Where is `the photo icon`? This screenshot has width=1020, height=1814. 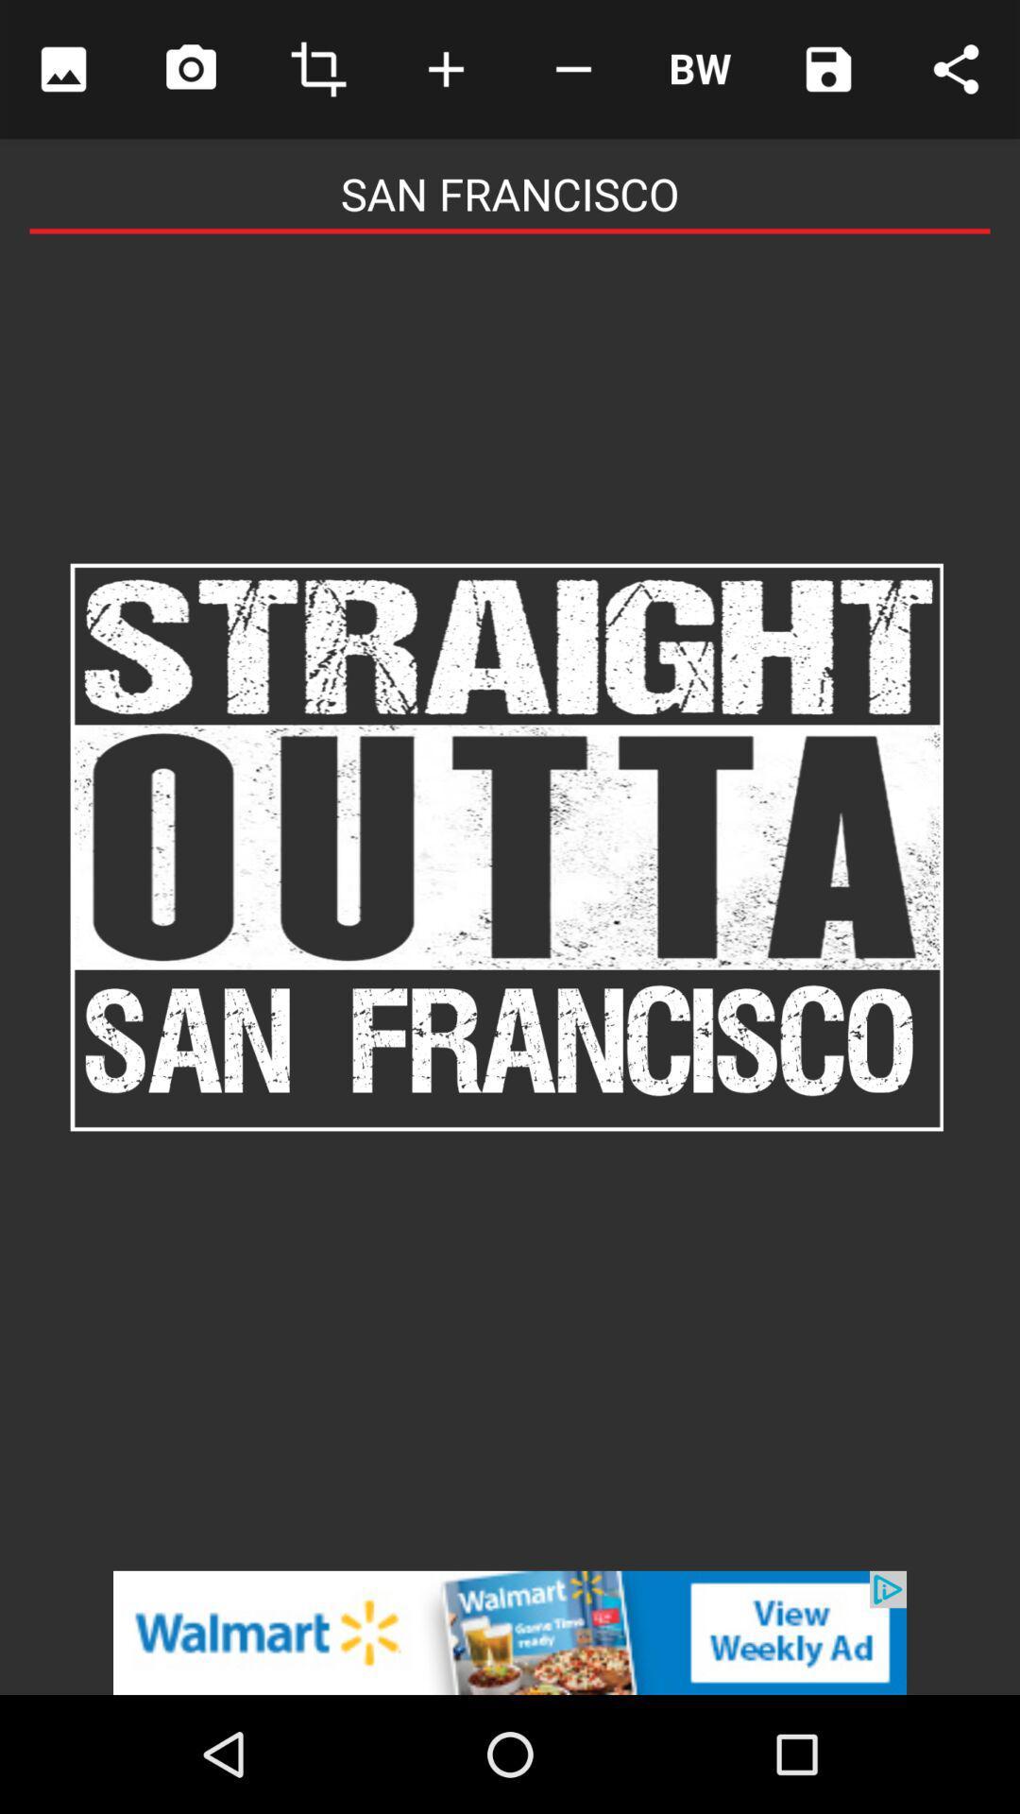
the photo icon is located at coordinates (191, 69).